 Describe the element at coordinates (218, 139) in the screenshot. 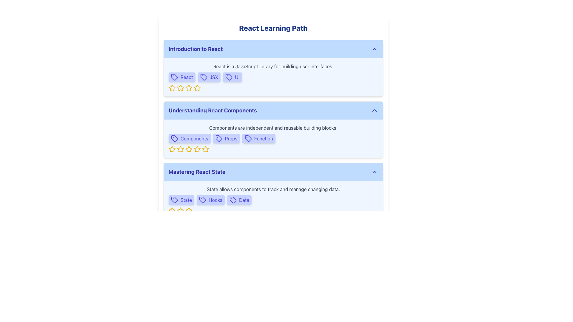

I see `the tag-shaped icon with a blue border located next to the label 'Props' in the 'Understanding React Components' section` at that location.